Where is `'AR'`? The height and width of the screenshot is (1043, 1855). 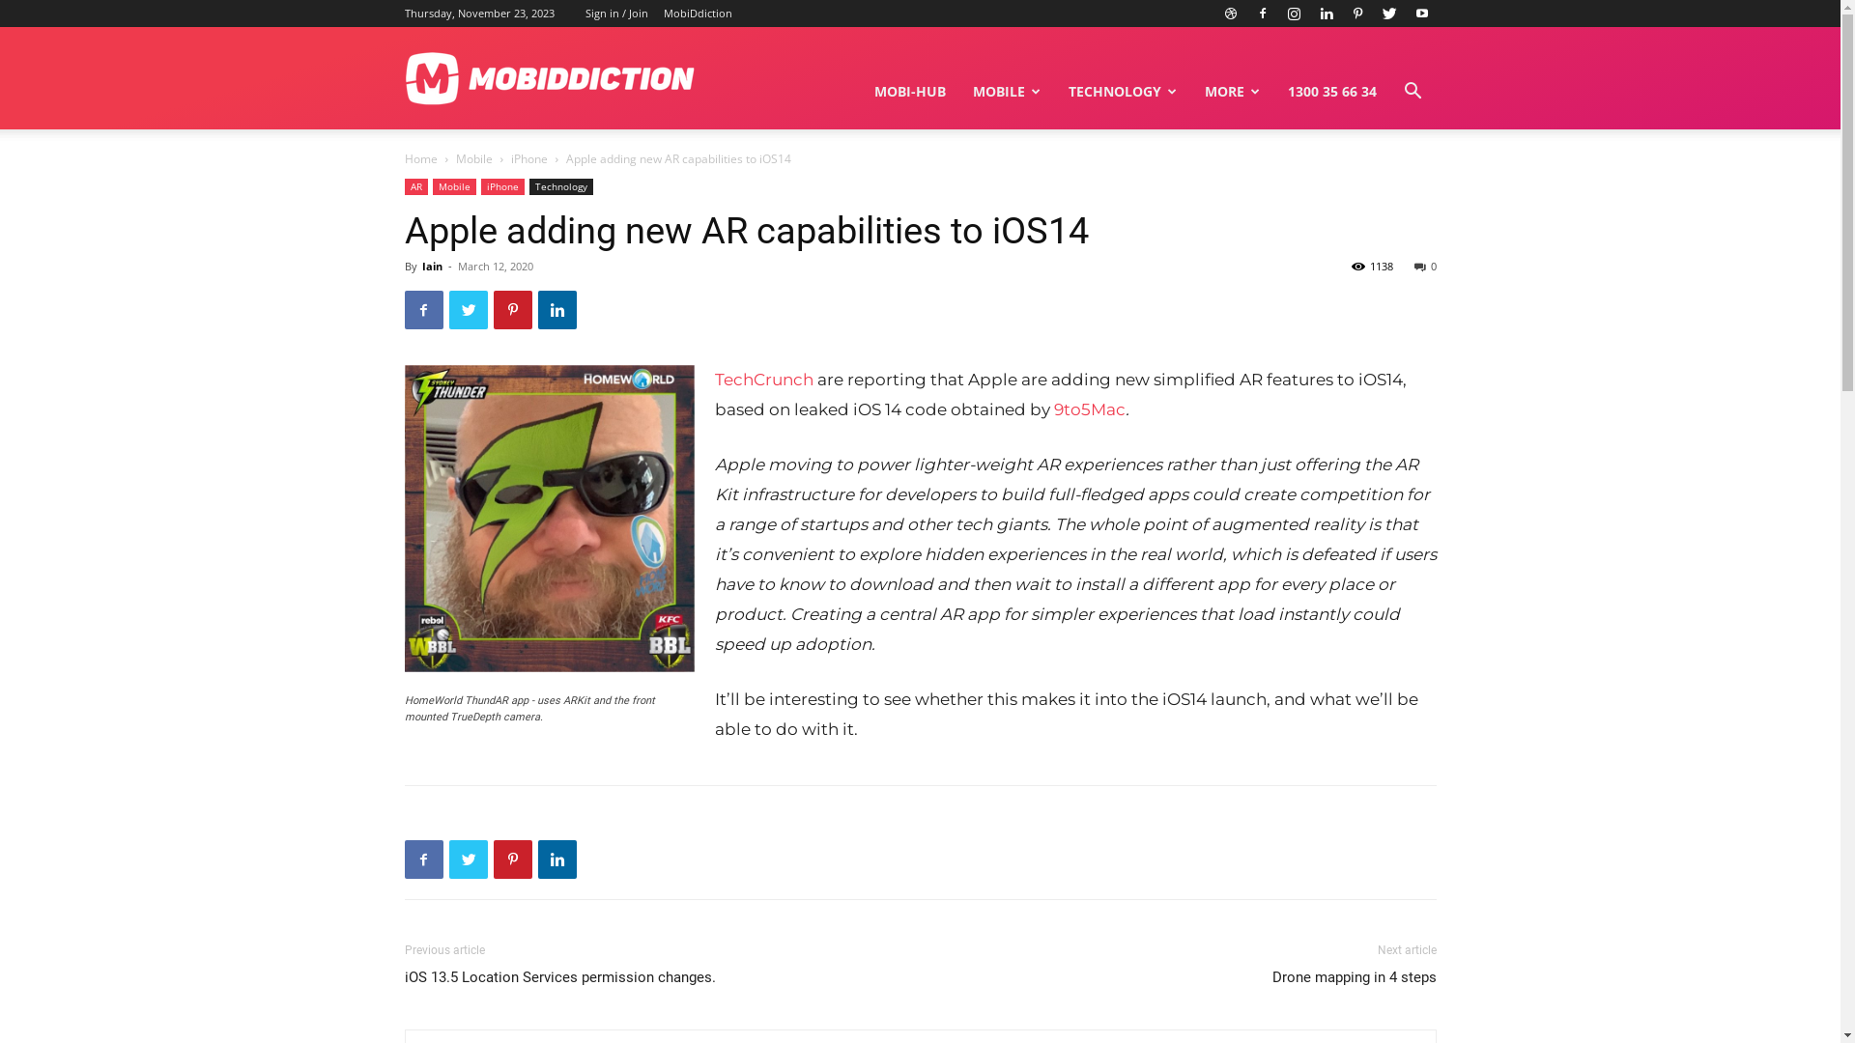
'AR' is located at coordinates (414, 186).